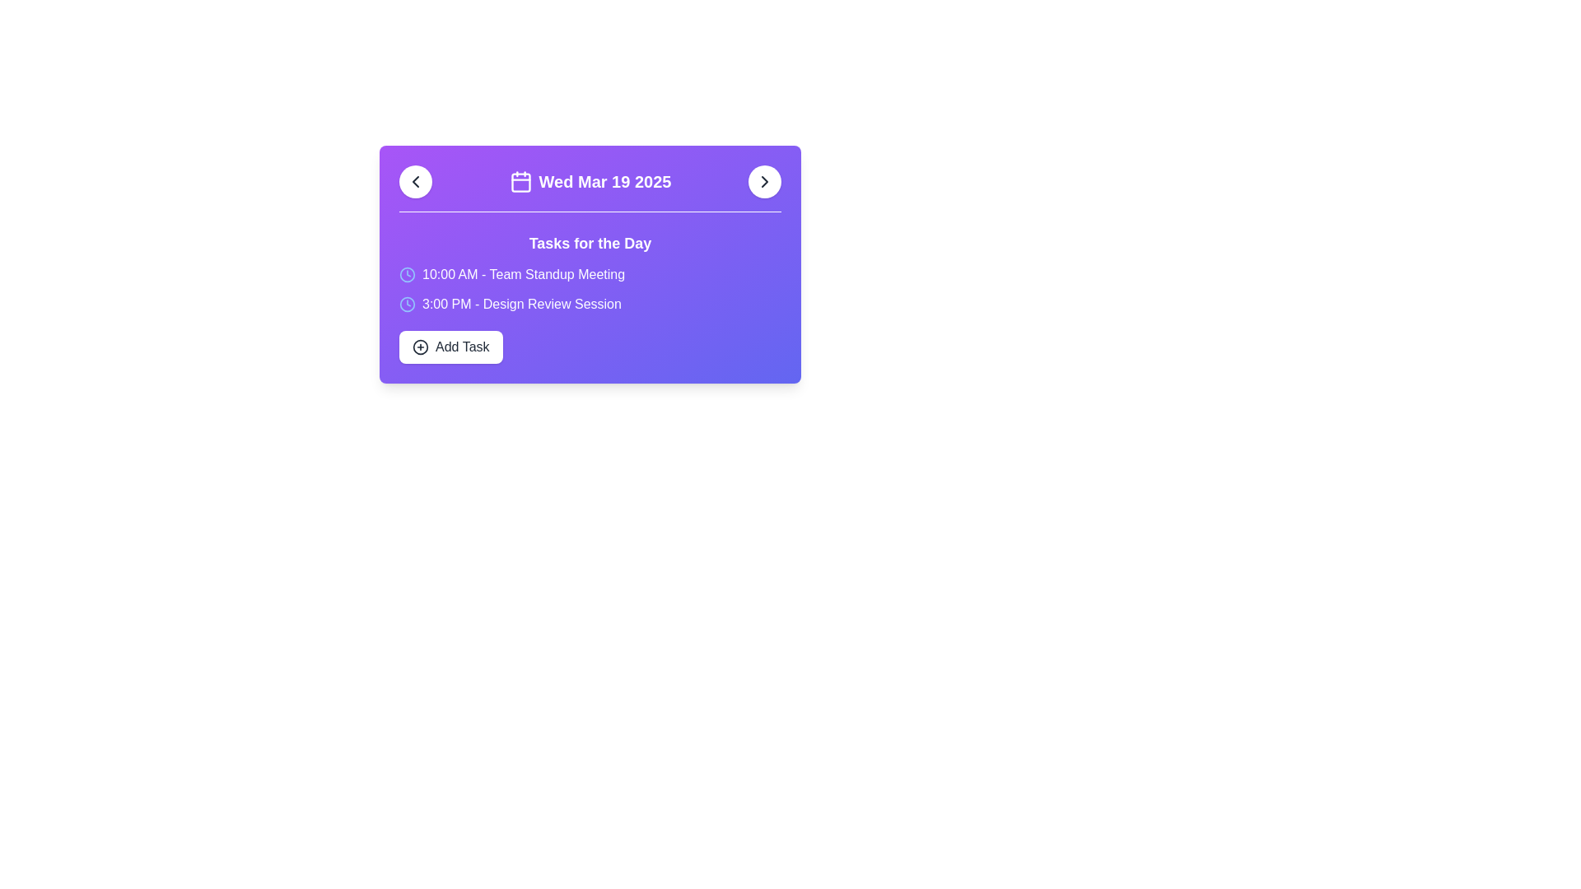  I want to click on text element that displays '3:00 PM - Design Review Session', which is the second item in a vertical task list with a purple background and a blue clock icon, so click(590, 305).